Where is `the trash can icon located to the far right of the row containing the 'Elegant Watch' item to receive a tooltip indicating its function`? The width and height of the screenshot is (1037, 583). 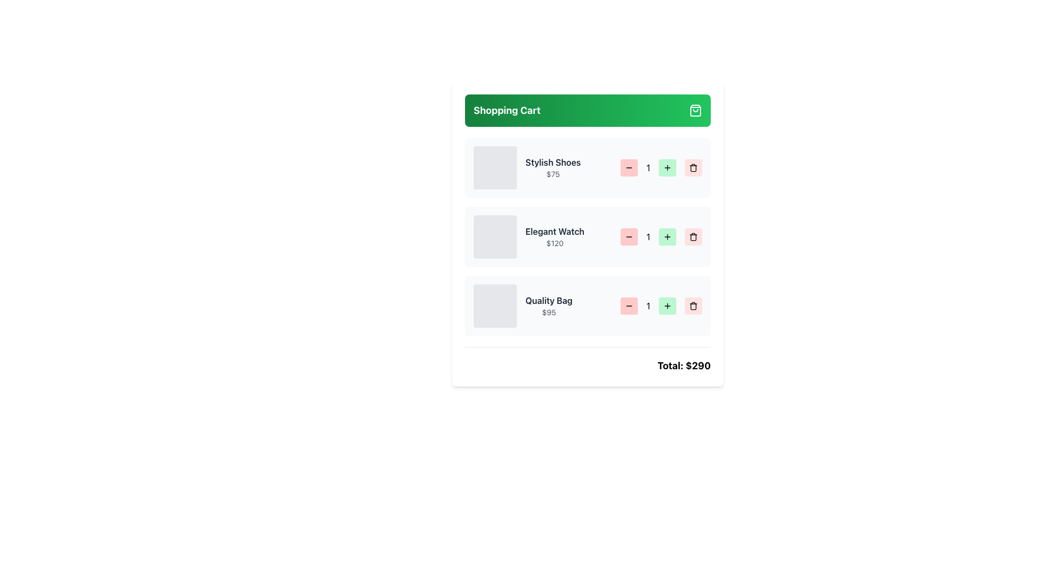 the trash can icon located to the far right of the row containing the 'Elegant Watch' item to receive a tooltip indicating its function is located at coordinates (693, 236).